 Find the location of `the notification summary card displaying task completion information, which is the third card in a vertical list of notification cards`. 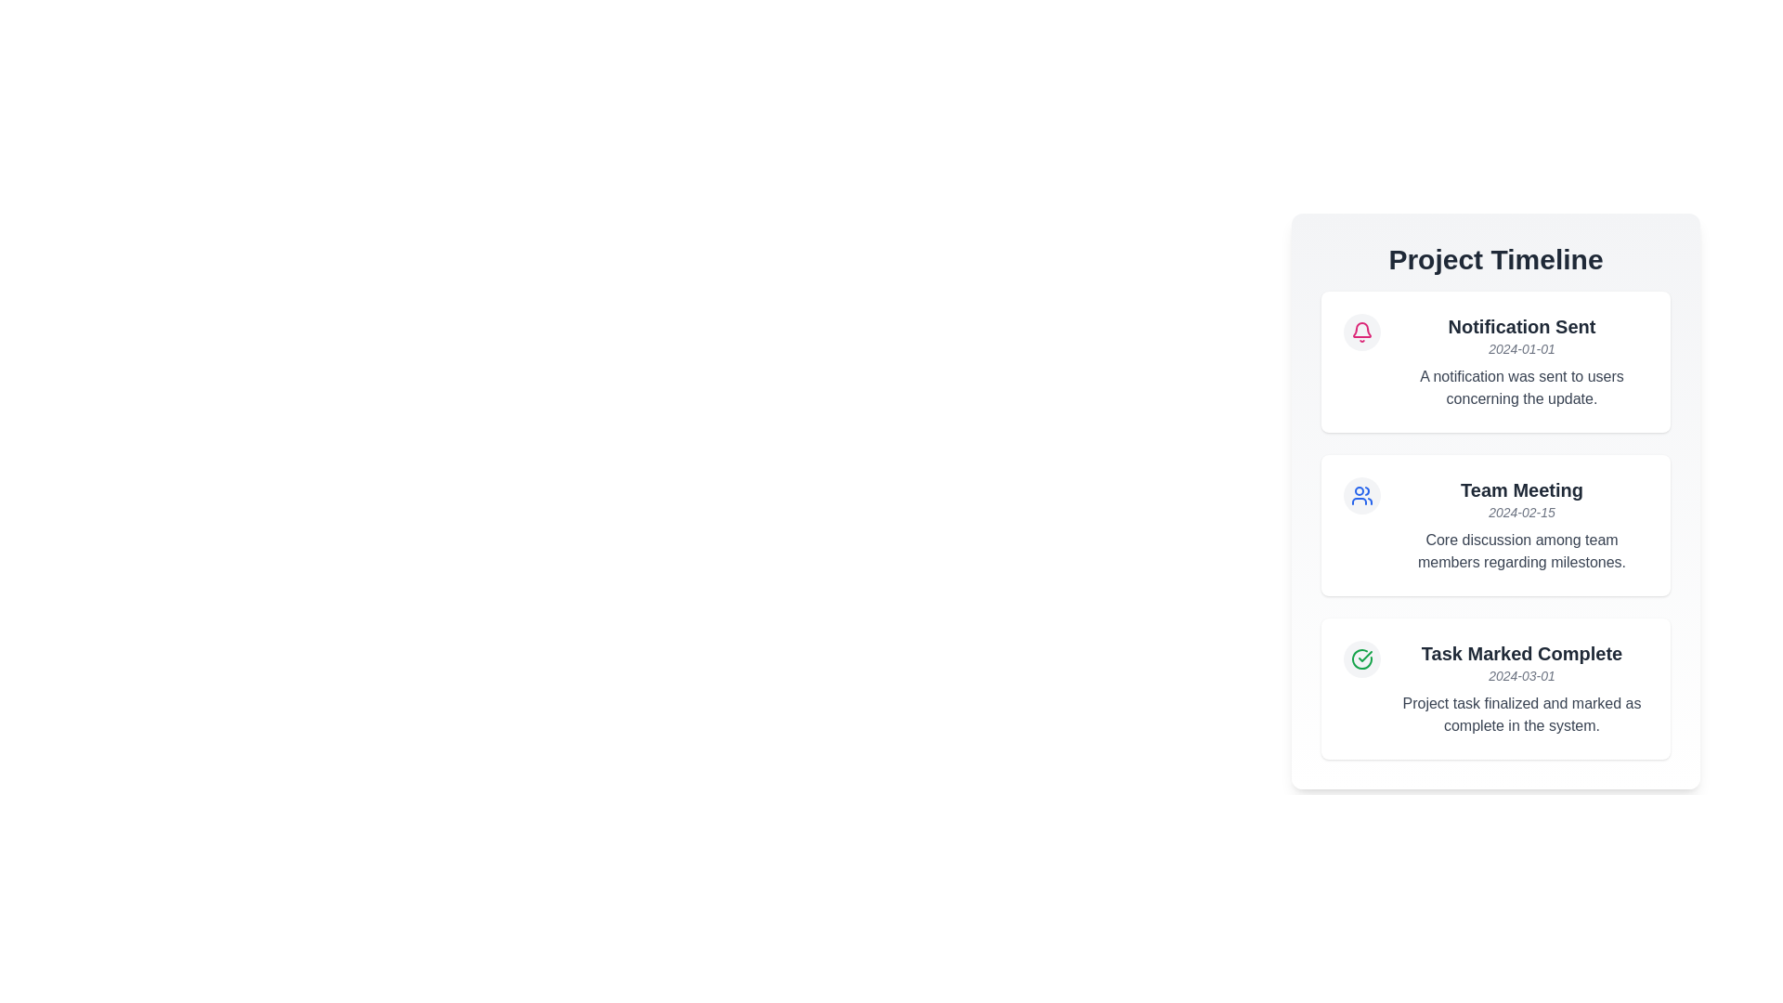

the notification summary card displaying task completion information, which is the third card in a vertical list of notification cards is located at coordinates (1496, 688).